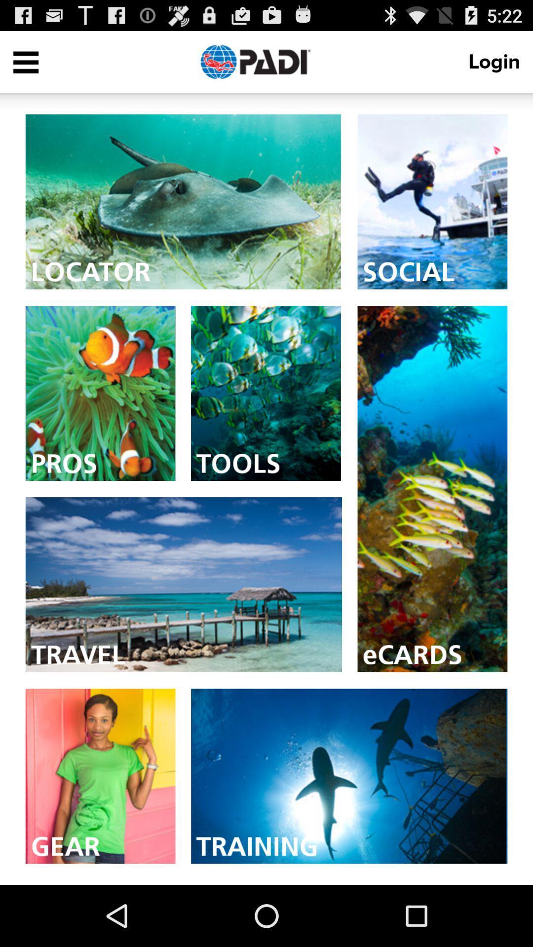  What do you see at coordinates (100, 775) in the screenshot?
I see `check gears` at bounding box center [100, 775].